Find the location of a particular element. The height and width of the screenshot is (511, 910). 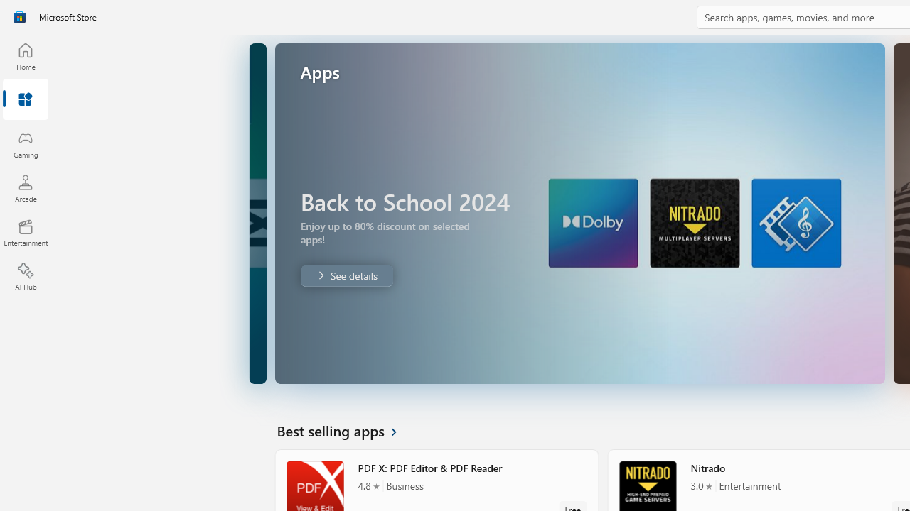

'Gaming' is located at coordinates (25, 144).